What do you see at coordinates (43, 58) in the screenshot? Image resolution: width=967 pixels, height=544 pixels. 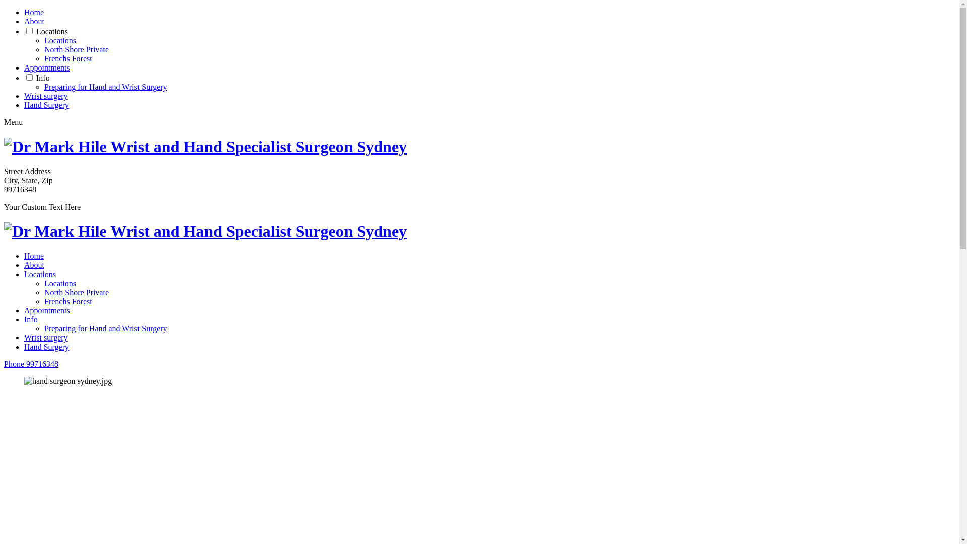 I see `'Frenchs Forest'` at bounding box center [43, 58].